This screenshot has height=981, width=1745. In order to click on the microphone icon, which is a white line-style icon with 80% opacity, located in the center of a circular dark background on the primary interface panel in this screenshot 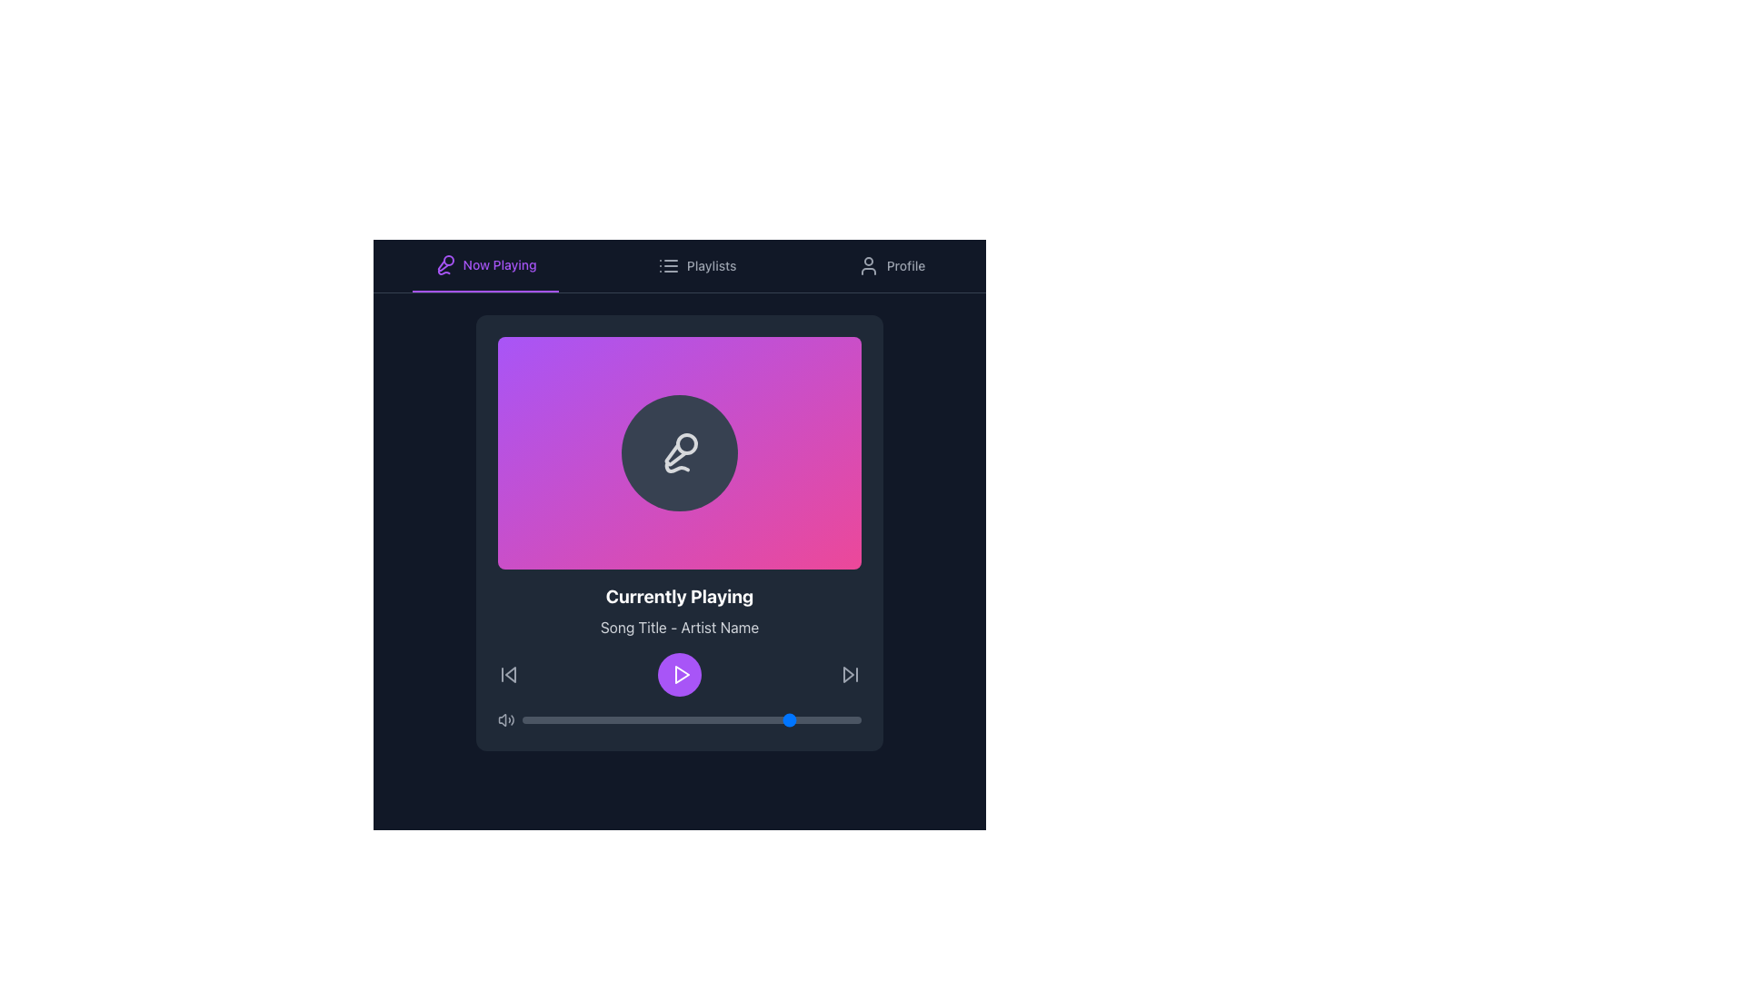, I will do `click(679, 451)`.